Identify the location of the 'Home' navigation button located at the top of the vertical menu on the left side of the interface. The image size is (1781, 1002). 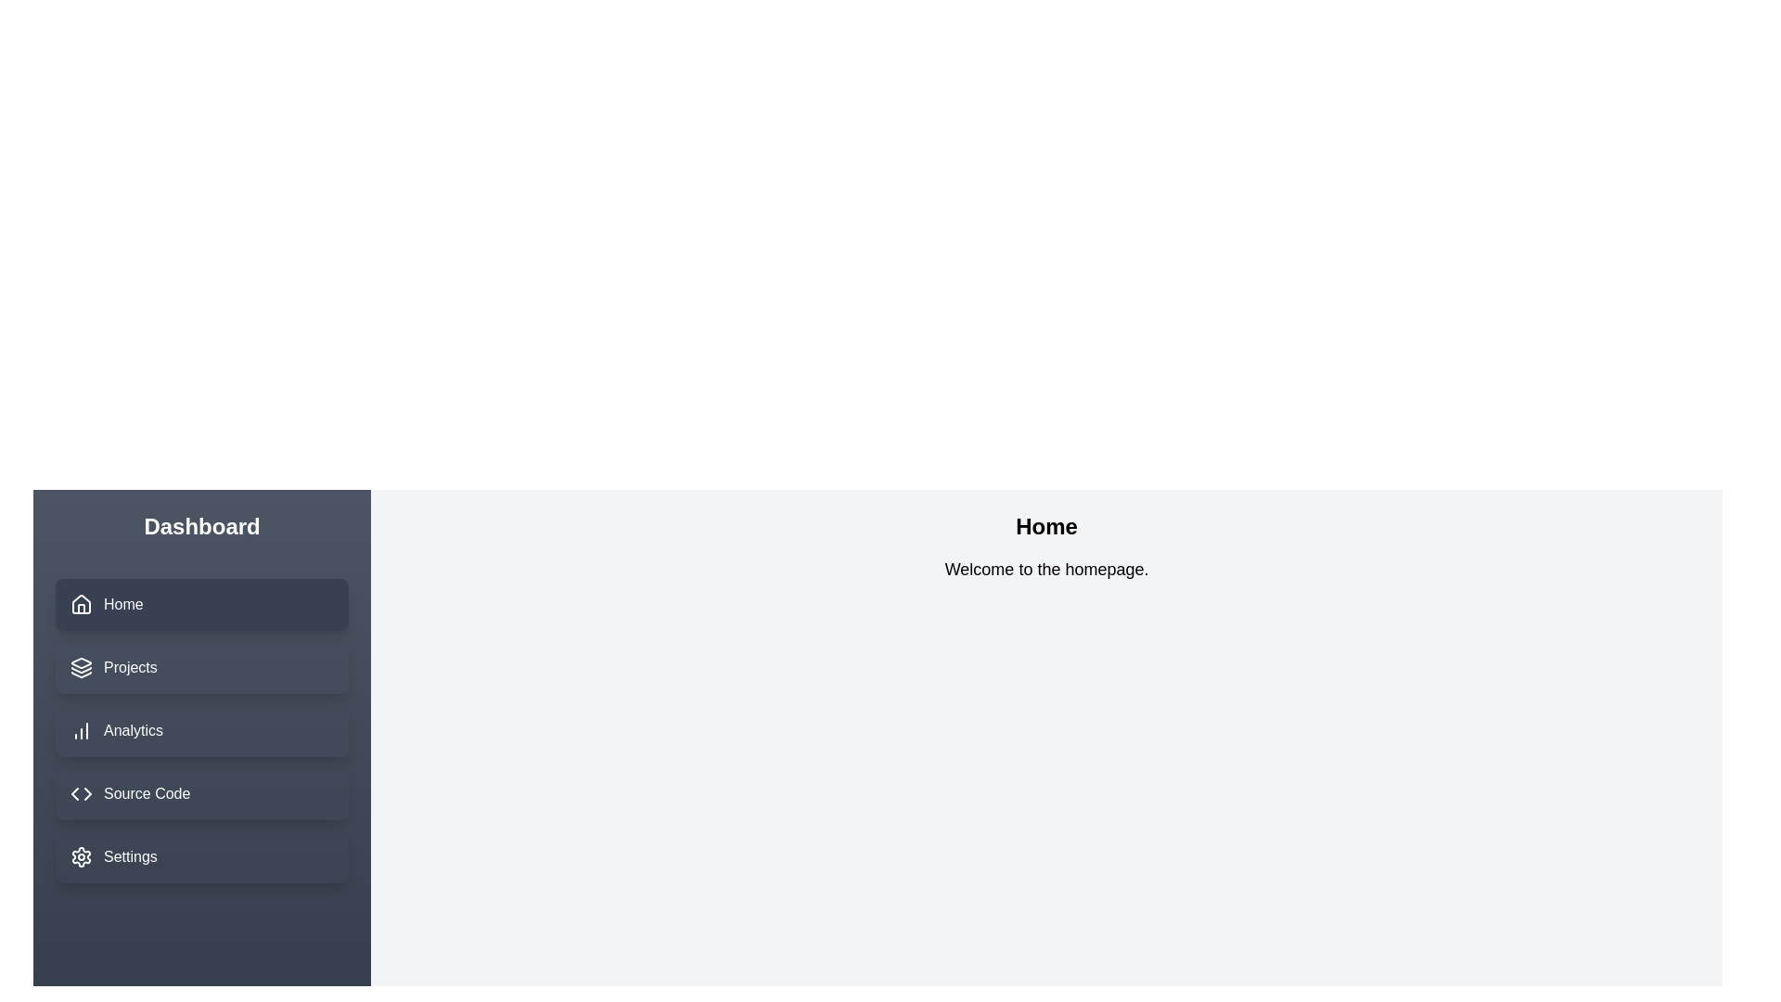
(202, 604).